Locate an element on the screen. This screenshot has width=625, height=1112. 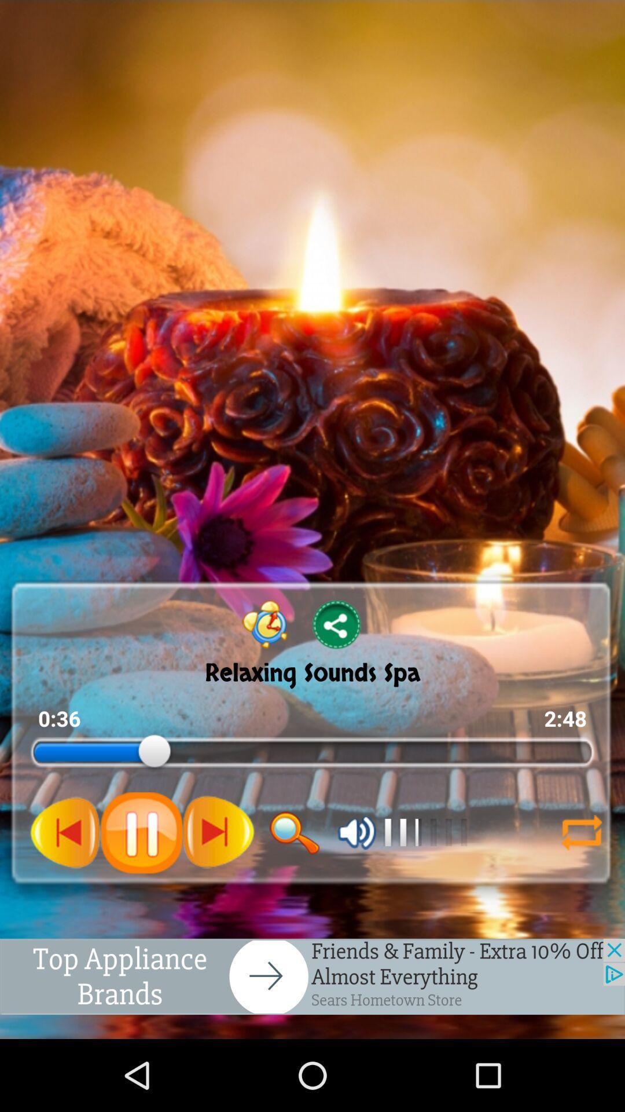
pause is located at coordinates (141, 832).